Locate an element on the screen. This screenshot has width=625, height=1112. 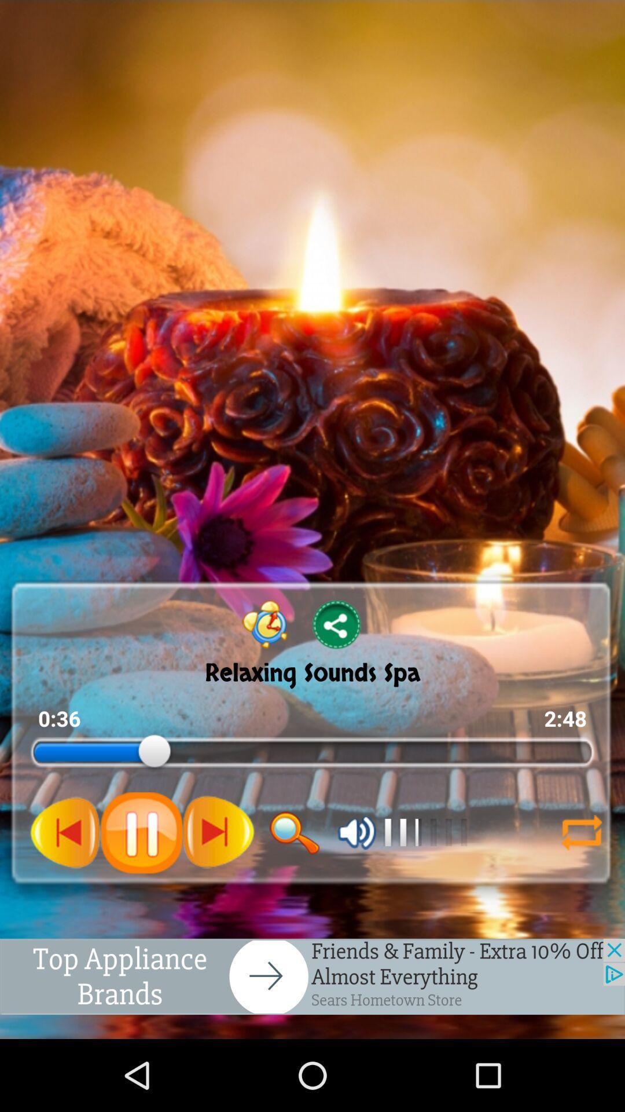
pause is located at coordinates (141, 832).